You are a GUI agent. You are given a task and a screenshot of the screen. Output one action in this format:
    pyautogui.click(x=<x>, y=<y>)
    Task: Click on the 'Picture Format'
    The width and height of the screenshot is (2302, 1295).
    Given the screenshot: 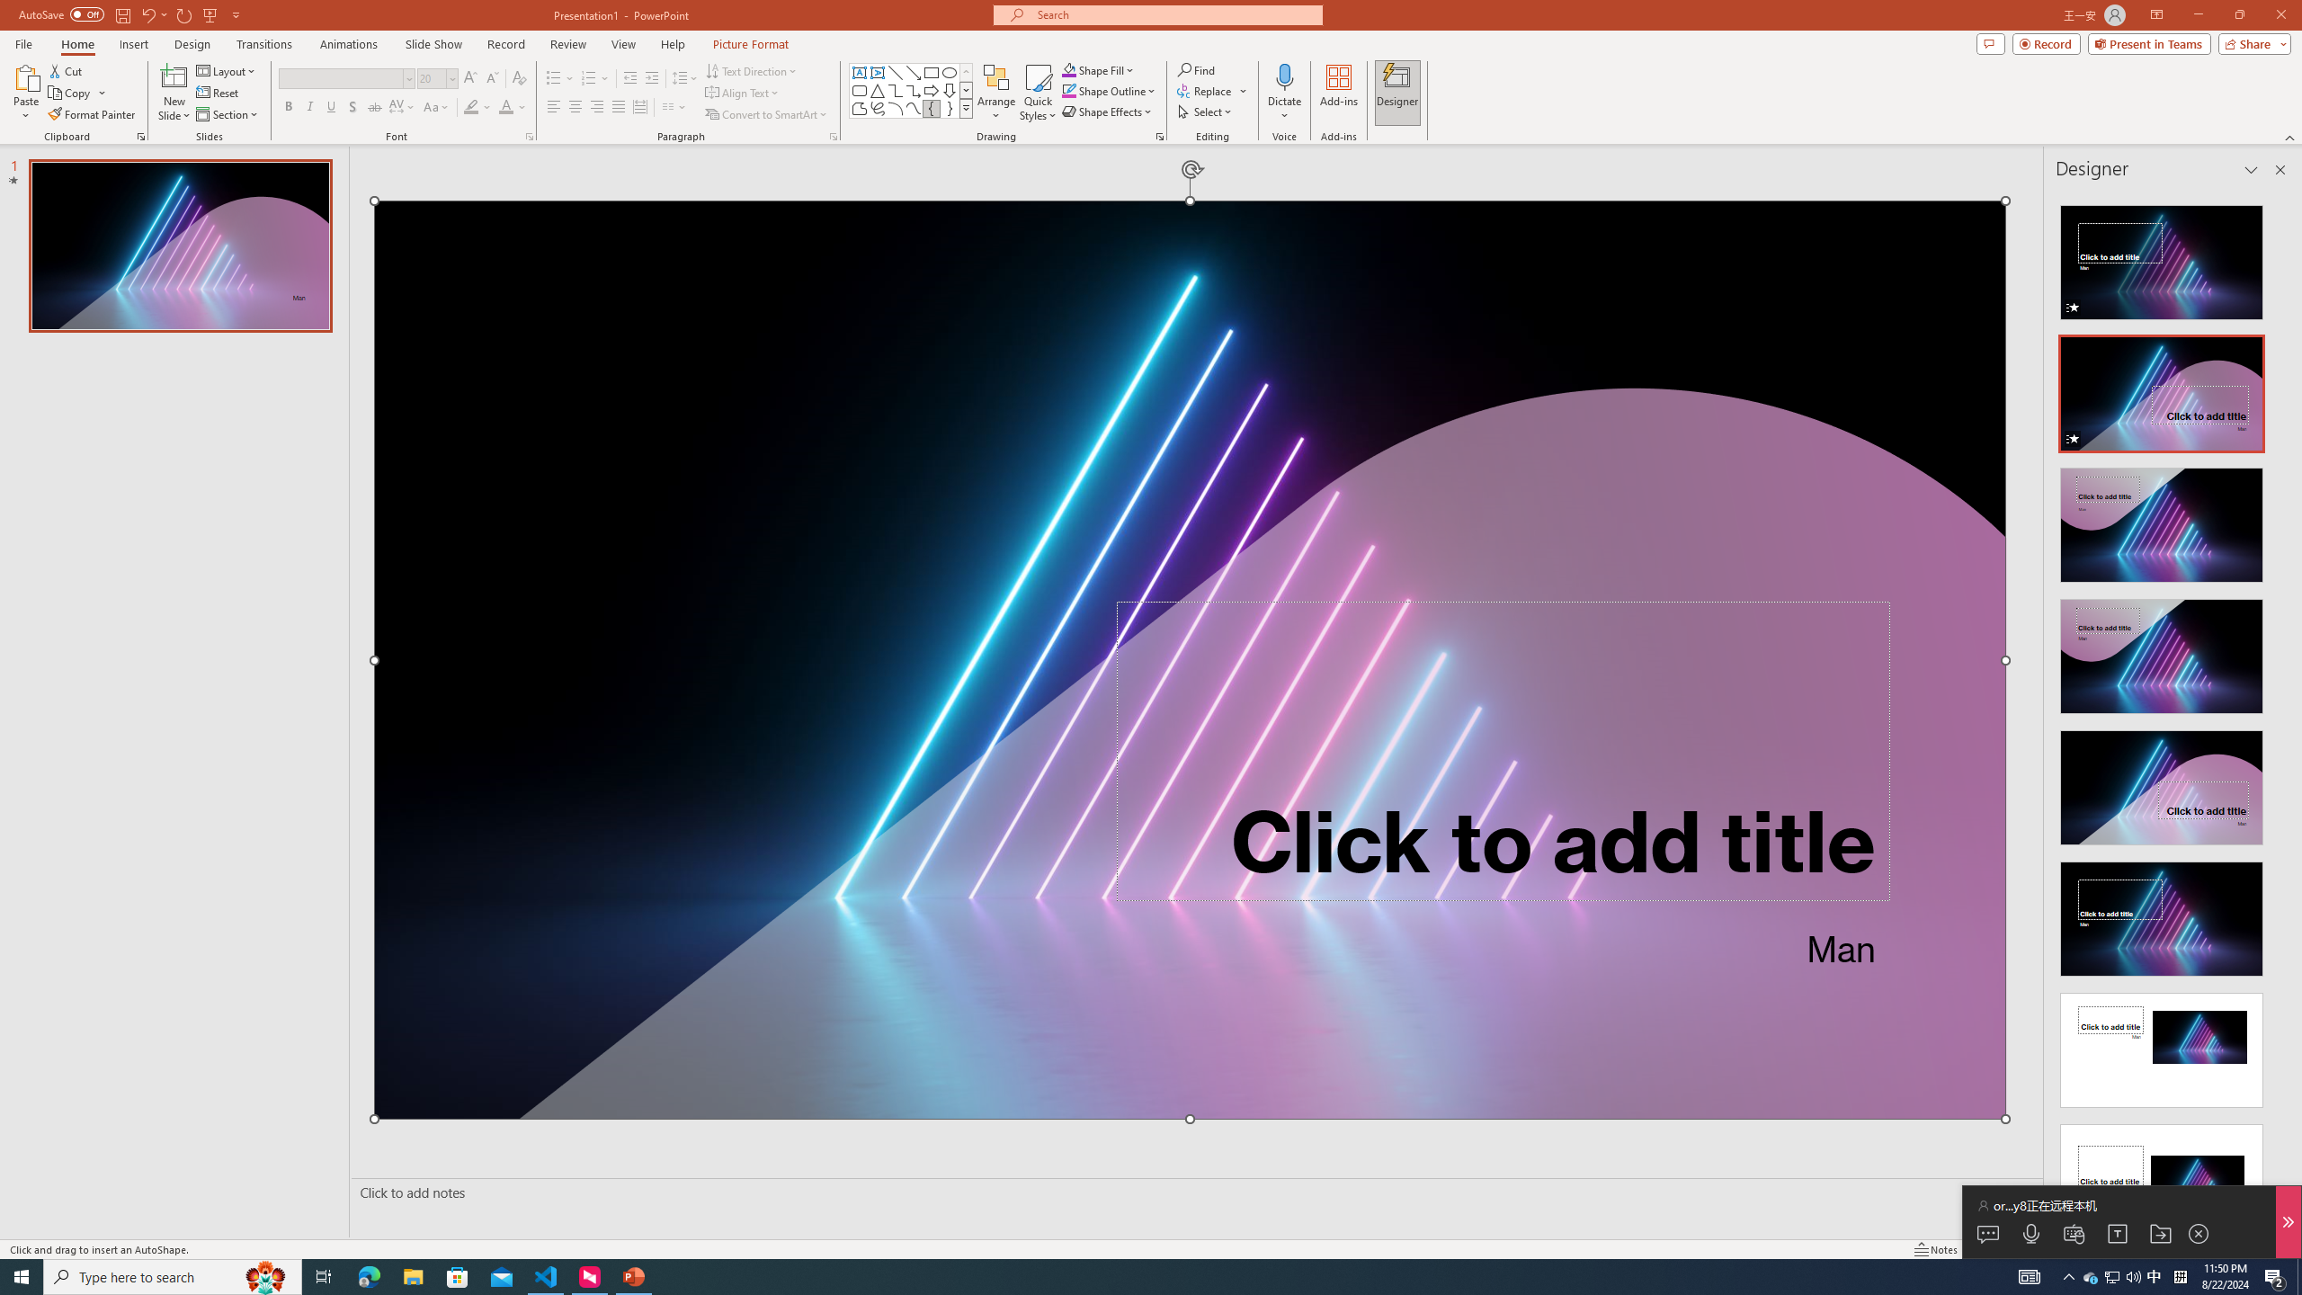 What is the action you would take?
    pyautogui.click(x=751, y=44)
    